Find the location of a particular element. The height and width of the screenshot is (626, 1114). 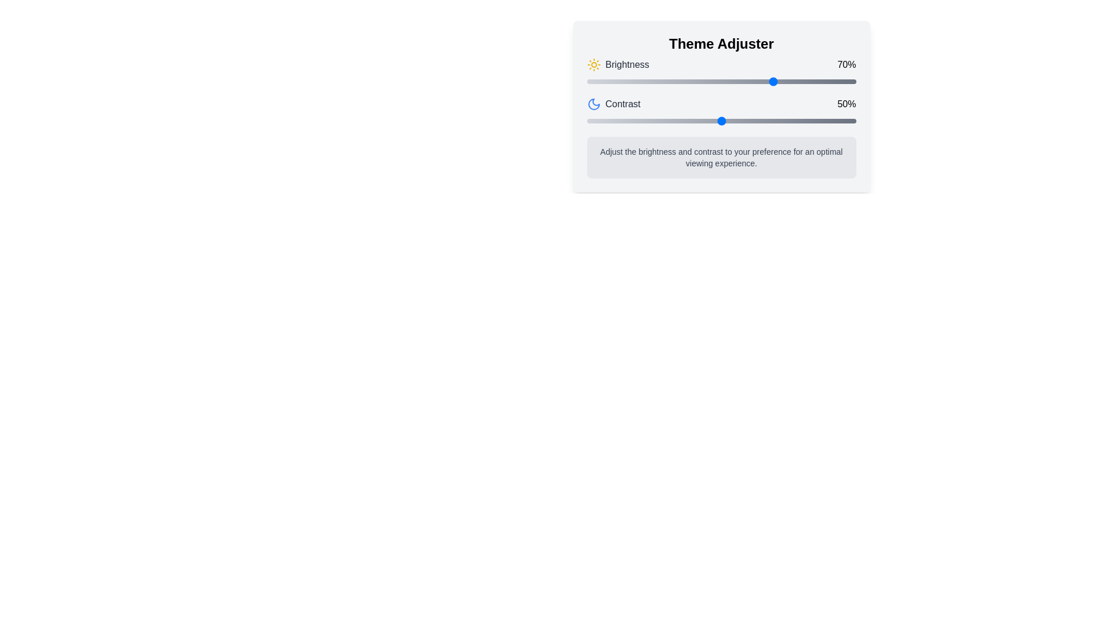

contrast is located at coordinates (681, 121).